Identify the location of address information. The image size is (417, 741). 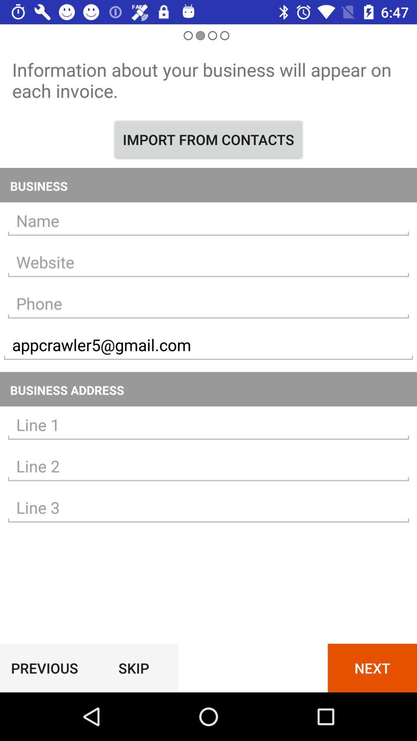
(208, 508).